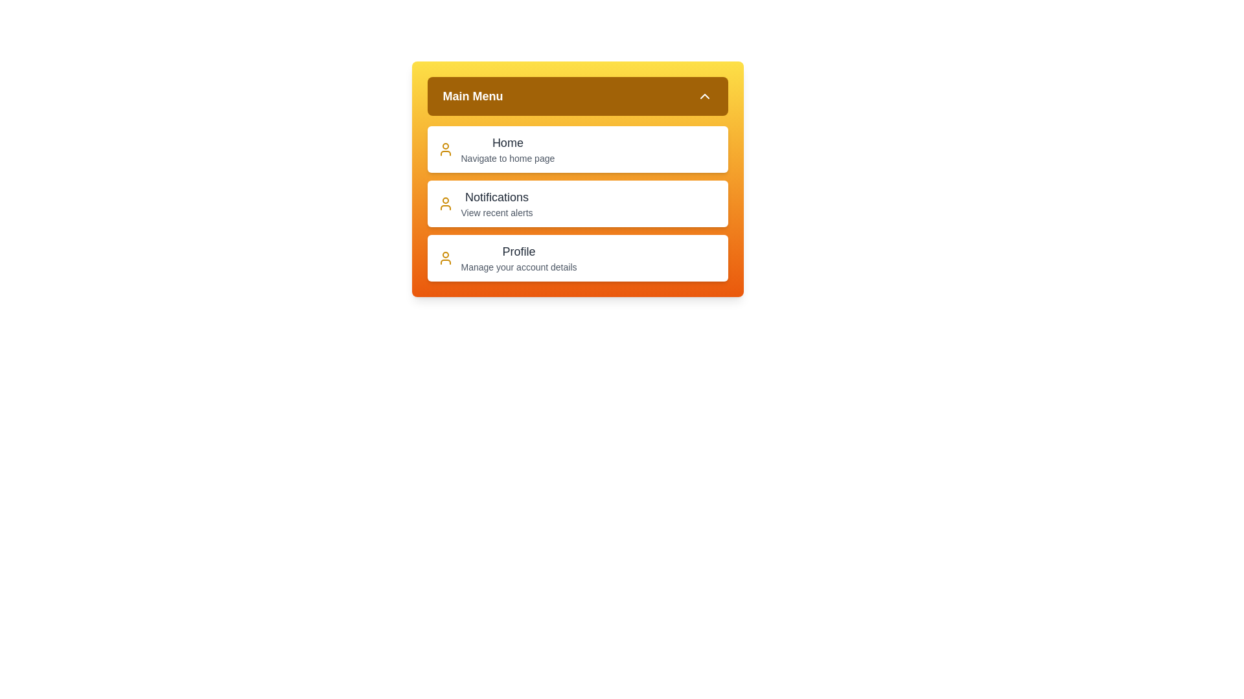  Describe the element at coordinates (577, 149) in the screenshot. I see `the menu item Home to view its hover effect` at that location.